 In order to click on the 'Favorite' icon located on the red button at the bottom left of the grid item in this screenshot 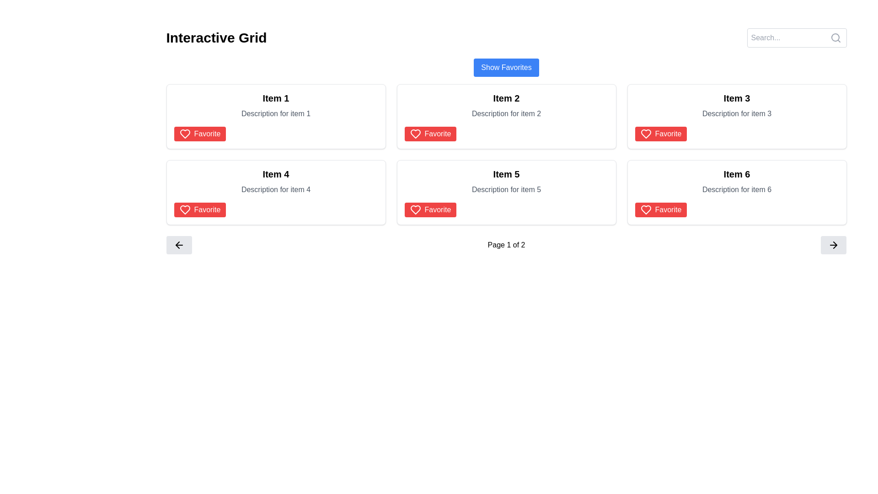, I will do `click(415, 134)`.